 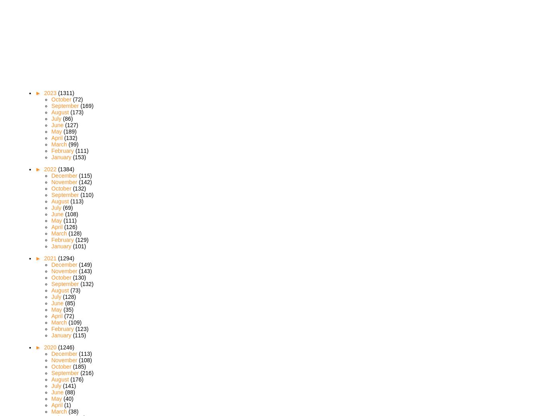 I want to click on '(1246)', so click(x=65, y=347).